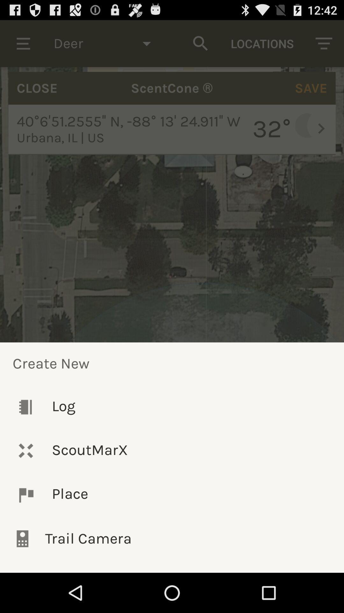 The width and height of the screenshot is (344, 613). I want to click on scoutmarx, so click(172, 450).